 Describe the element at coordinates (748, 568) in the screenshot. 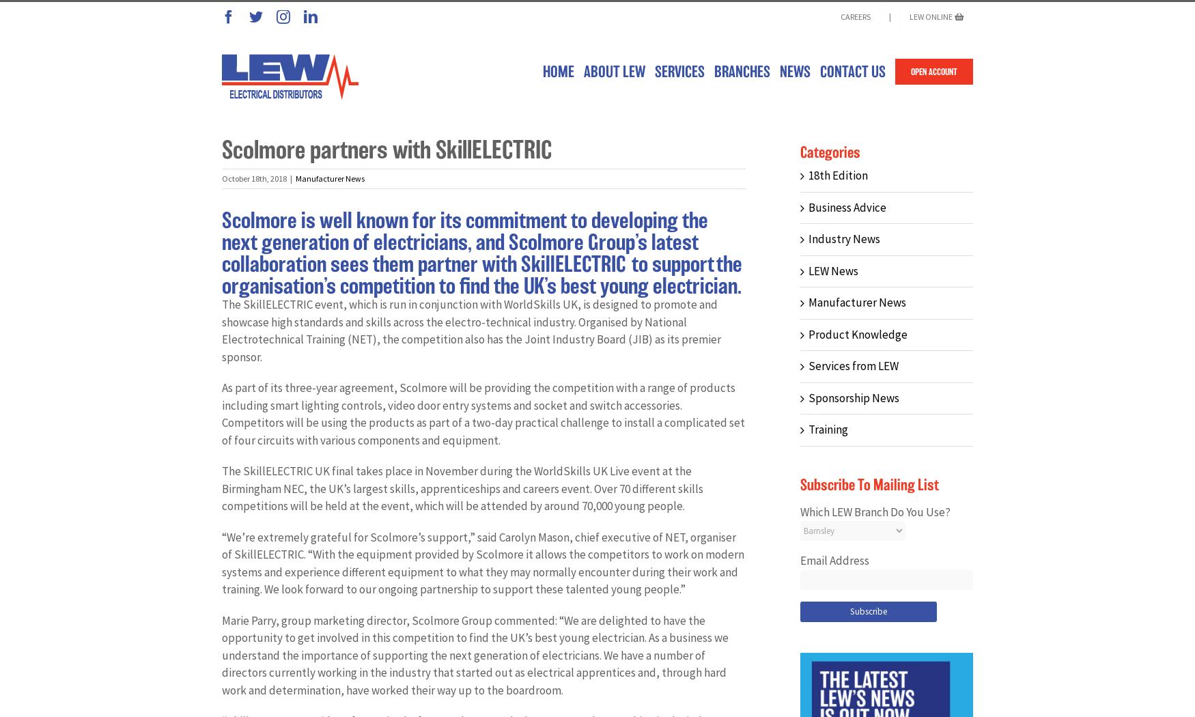

I see `'Stockton'` at that location.